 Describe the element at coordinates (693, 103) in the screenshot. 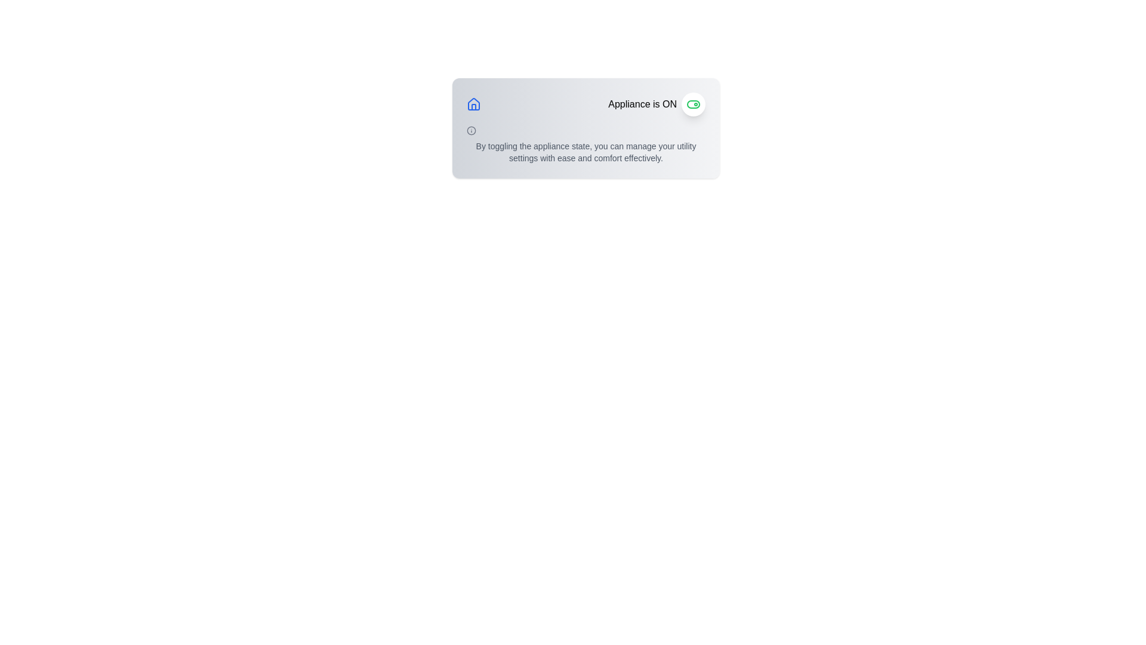

I see `the circular toggle button with a green outline located to the right of the text 'Appliance is ON' to switch its state` at that location.